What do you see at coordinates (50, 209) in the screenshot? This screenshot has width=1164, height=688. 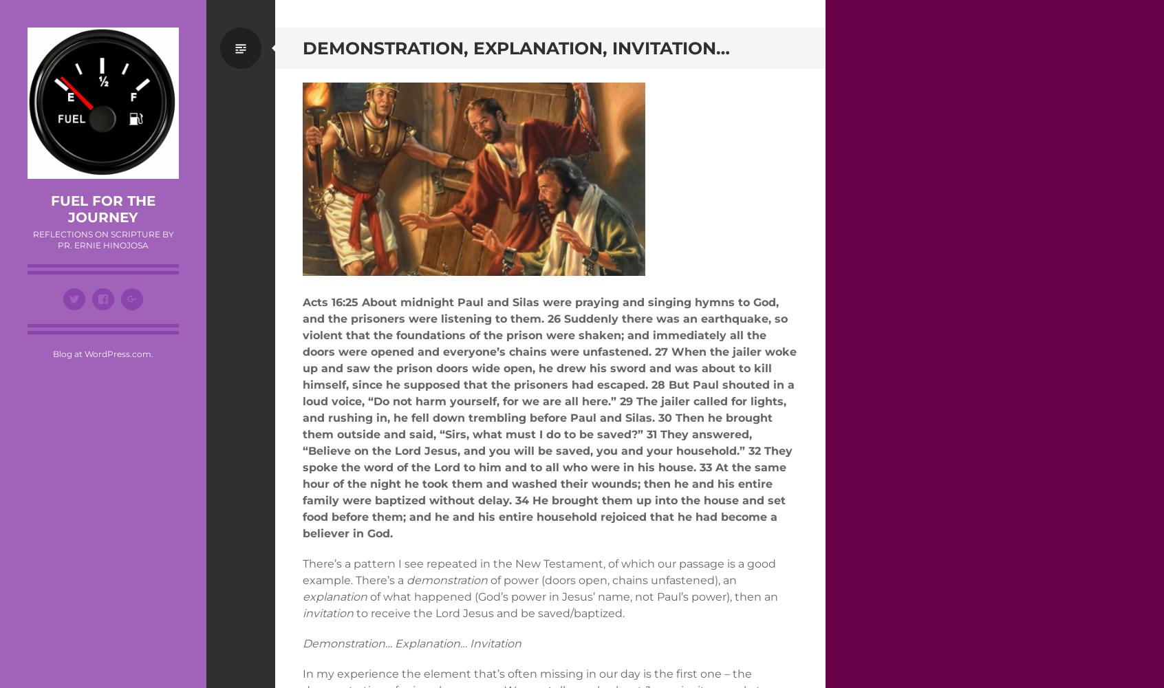 I see `'Fuel for the journey'` at bounding box center [50, 209].